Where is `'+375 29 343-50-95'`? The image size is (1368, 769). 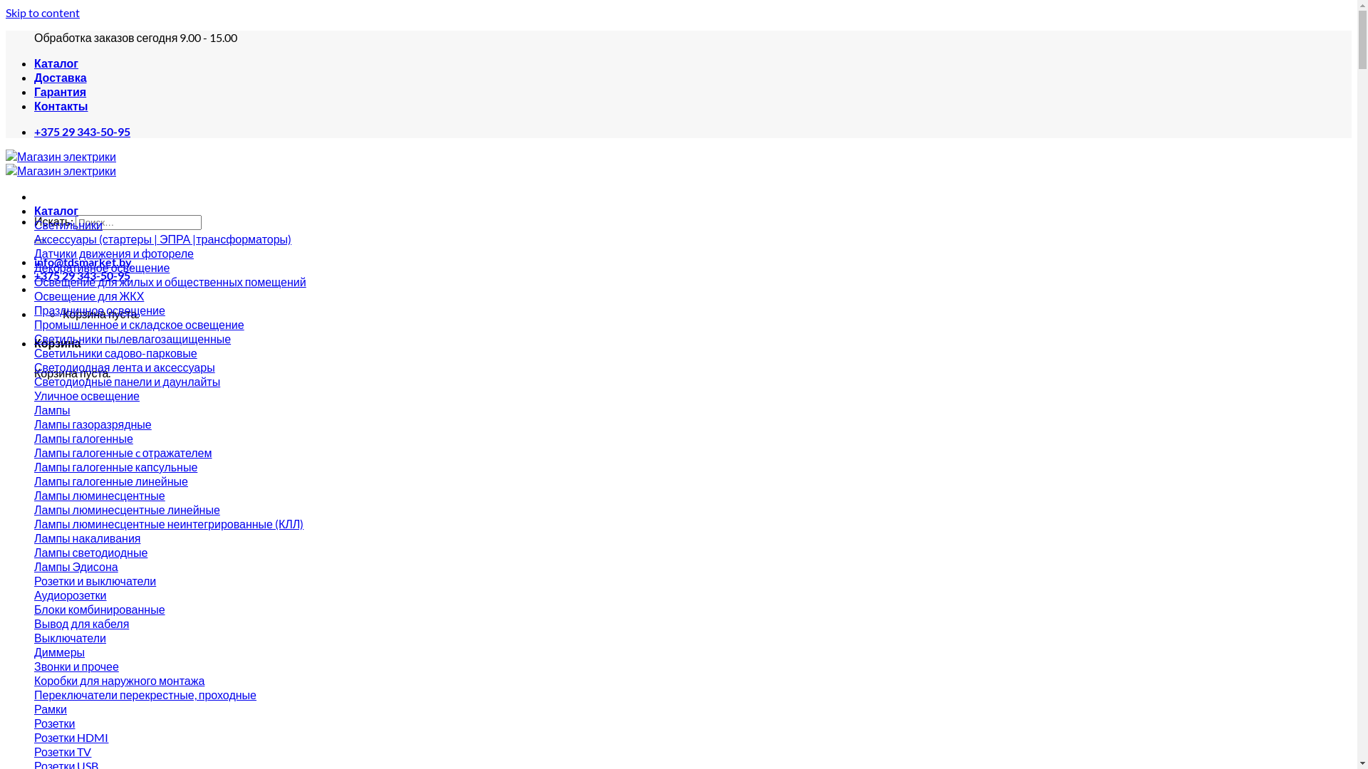 '+375 29 343-50-95' is located at coordinates (81, 275).